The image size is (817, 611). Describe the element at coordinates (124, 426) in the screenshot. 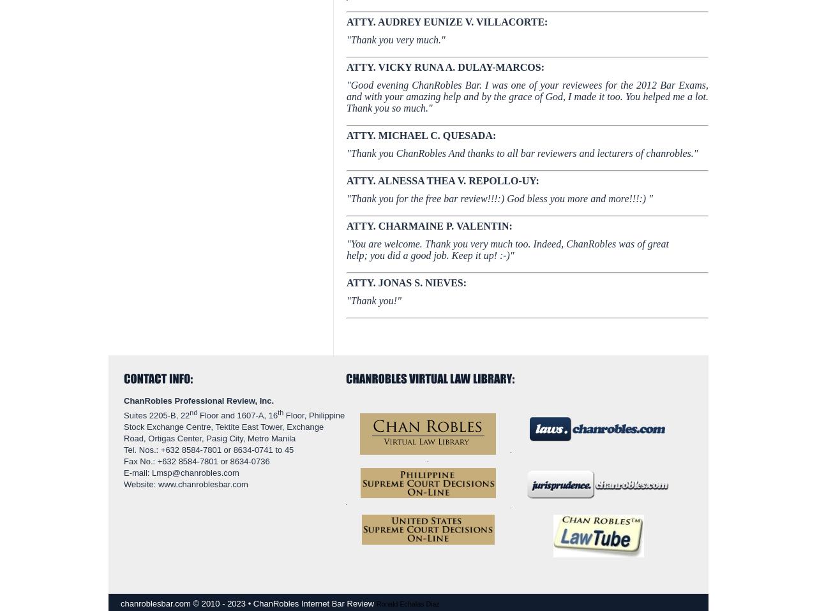

I see `'Floor, Philippine Stock Exchange Centre, Tektite East Tower, Exchange Road, Ortigas Center, Pasig City, Metro Manila'` at that location.